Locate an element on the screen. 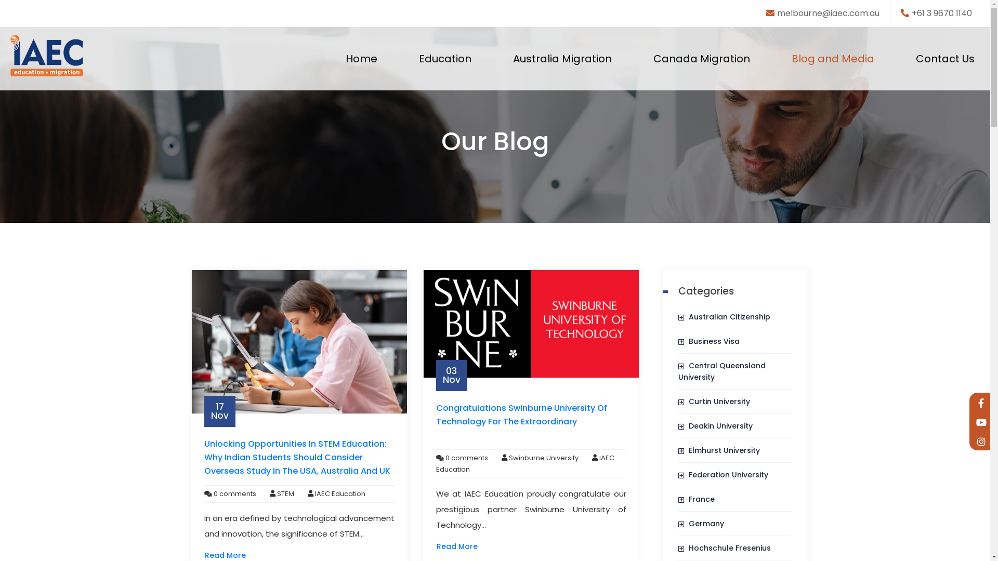 This screenshot has width=998, height=561. 'melbourne@iaec.com.au' is located at coordinates (766, 13).